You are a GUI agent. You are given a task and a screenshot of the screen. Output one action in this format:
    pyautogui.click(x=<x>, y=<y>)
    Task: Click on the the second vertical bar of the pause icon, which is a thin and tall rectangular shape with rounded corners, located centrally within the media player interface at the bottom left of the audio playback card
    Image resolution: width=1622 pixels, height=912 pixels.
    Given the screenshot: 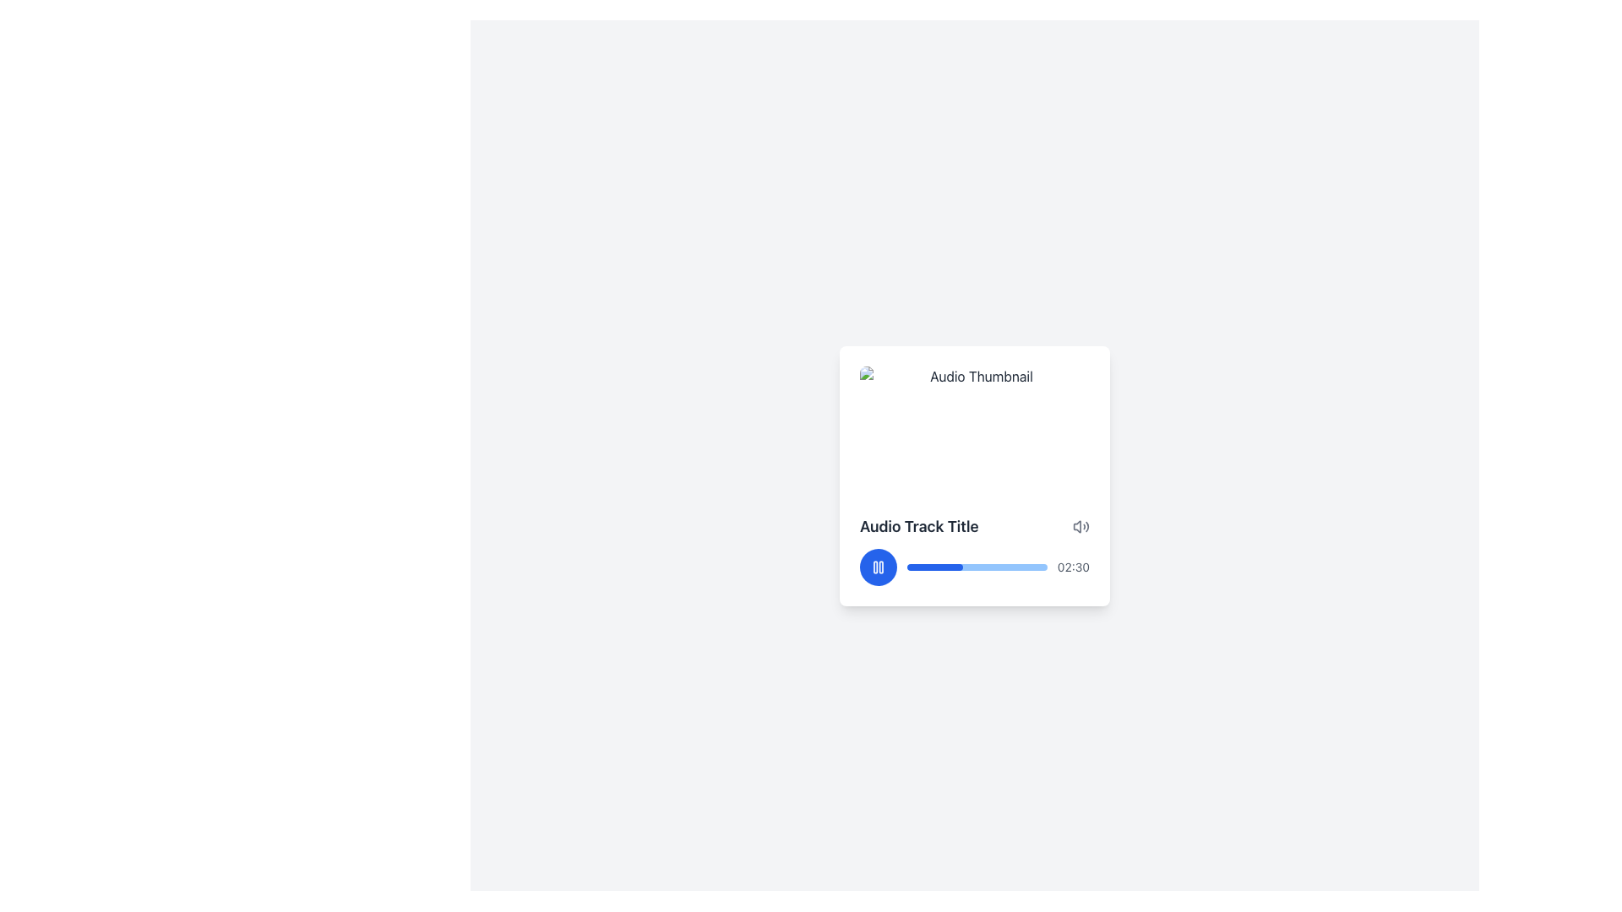 What is the action you would take?
    pyautogui.click(x=880, y=567)
    